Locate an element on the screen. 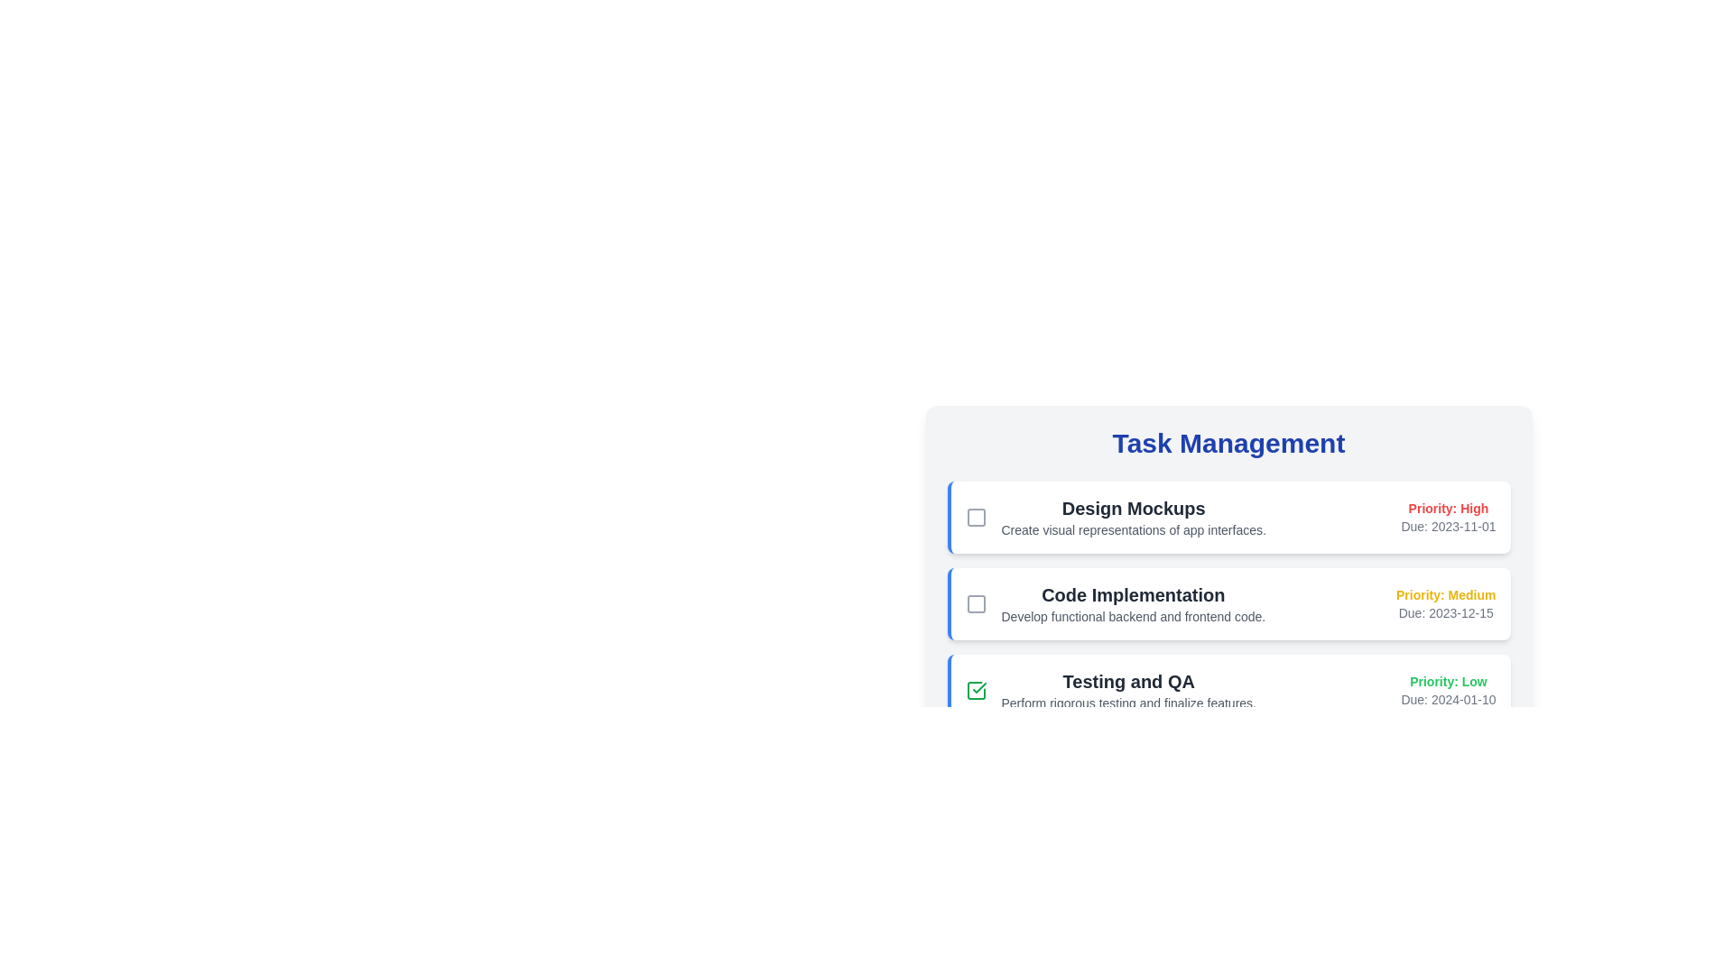 This screenshot has height=974, width=1733. the green checkbox with a checkmark located to the left of the 'Testing and QA' task item in the third row of the list within the 'Task Management' panel is located at coordinates (975, 690).